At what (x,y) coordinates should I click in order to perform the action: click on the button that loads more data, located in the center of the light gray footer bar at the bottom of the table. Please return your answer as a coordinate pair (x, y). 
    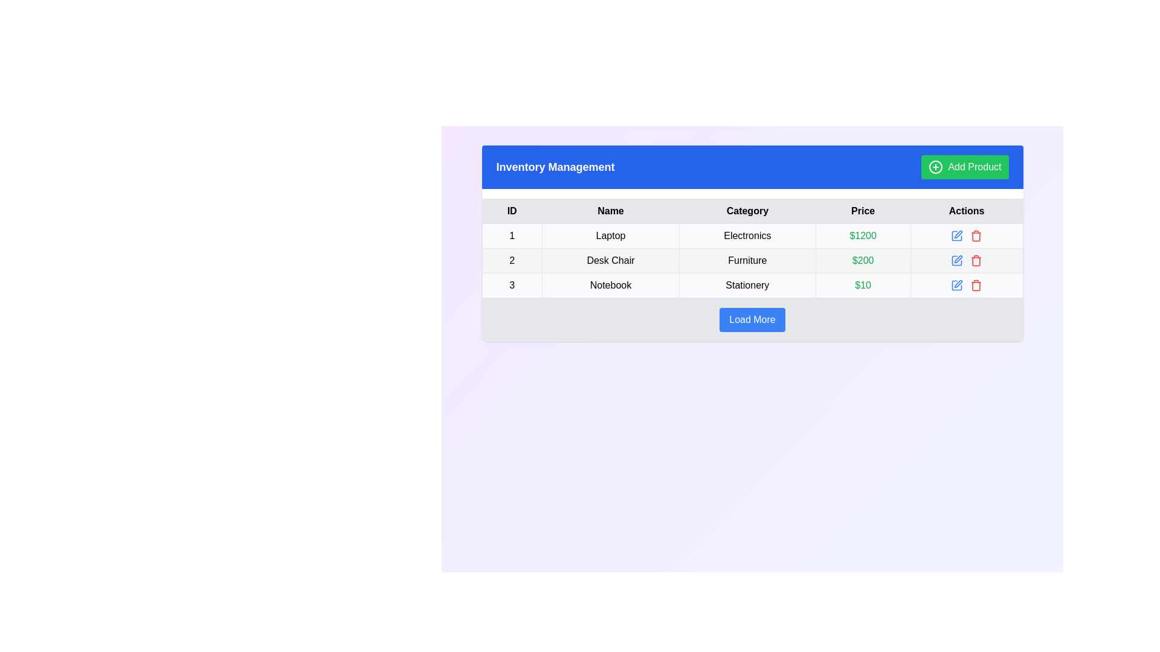
    Looking at the image, I should click on (752, 319).